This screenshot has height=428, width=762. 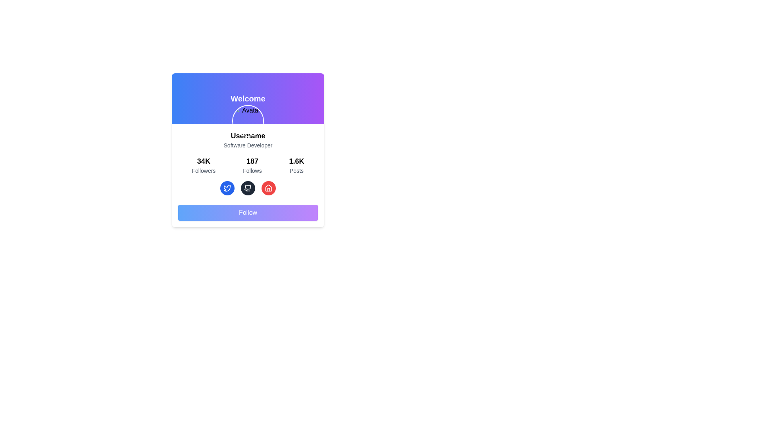 I want to click on the circular avatar image with a white border located in the card's gradient header section, directly below the 'Welcome' text, so click(x=247, y=120).